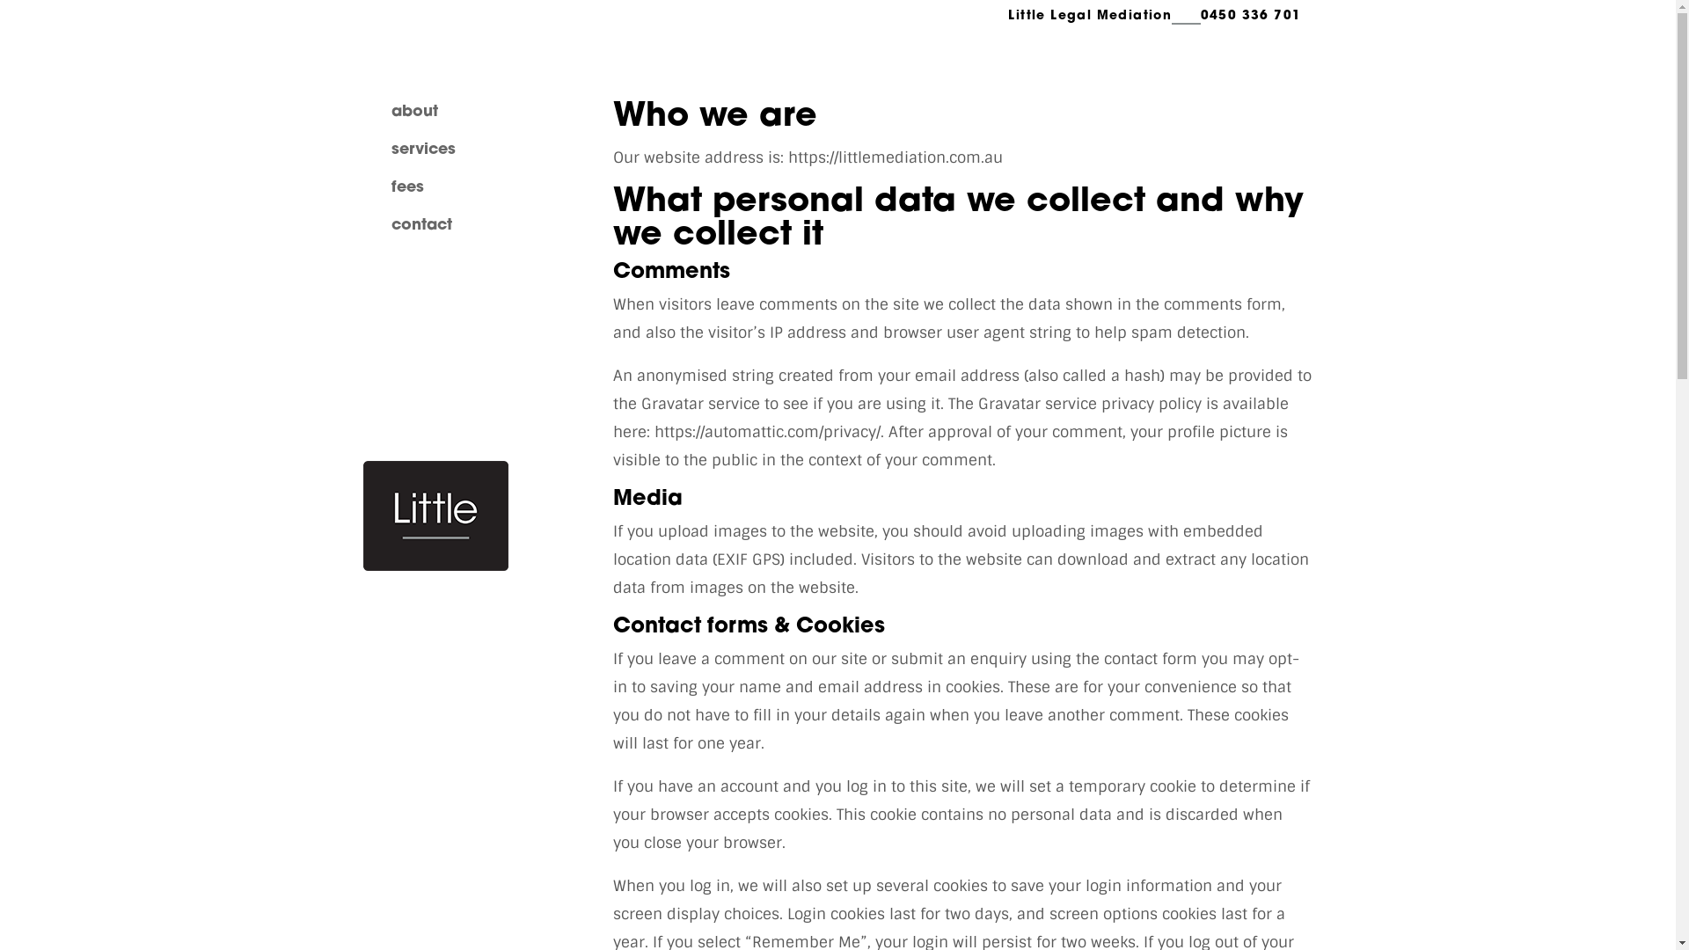 The image size is (1689, 950). Describe the element at coordinates (390, 224) in the screenshot. I see `'contact'` at that location.